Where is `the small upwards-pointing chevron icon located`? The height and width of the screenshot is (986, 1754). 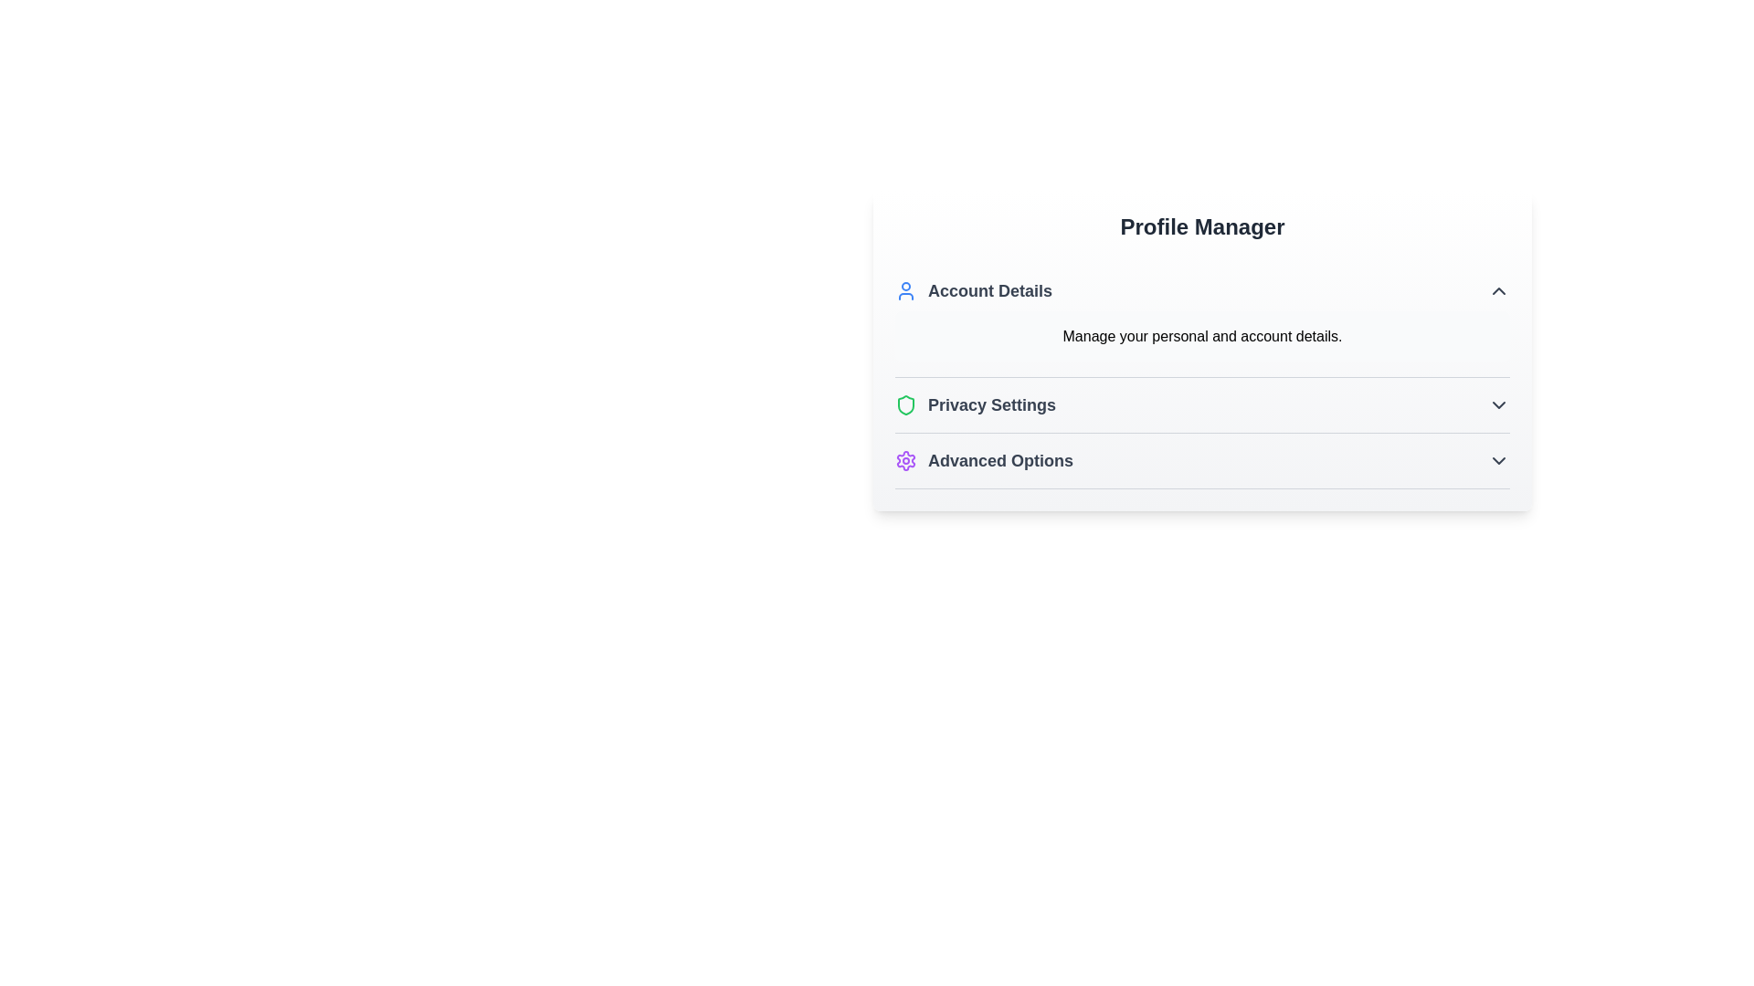 the small upwards-pointing chevron icon located is located at coordinates (1499, 290).